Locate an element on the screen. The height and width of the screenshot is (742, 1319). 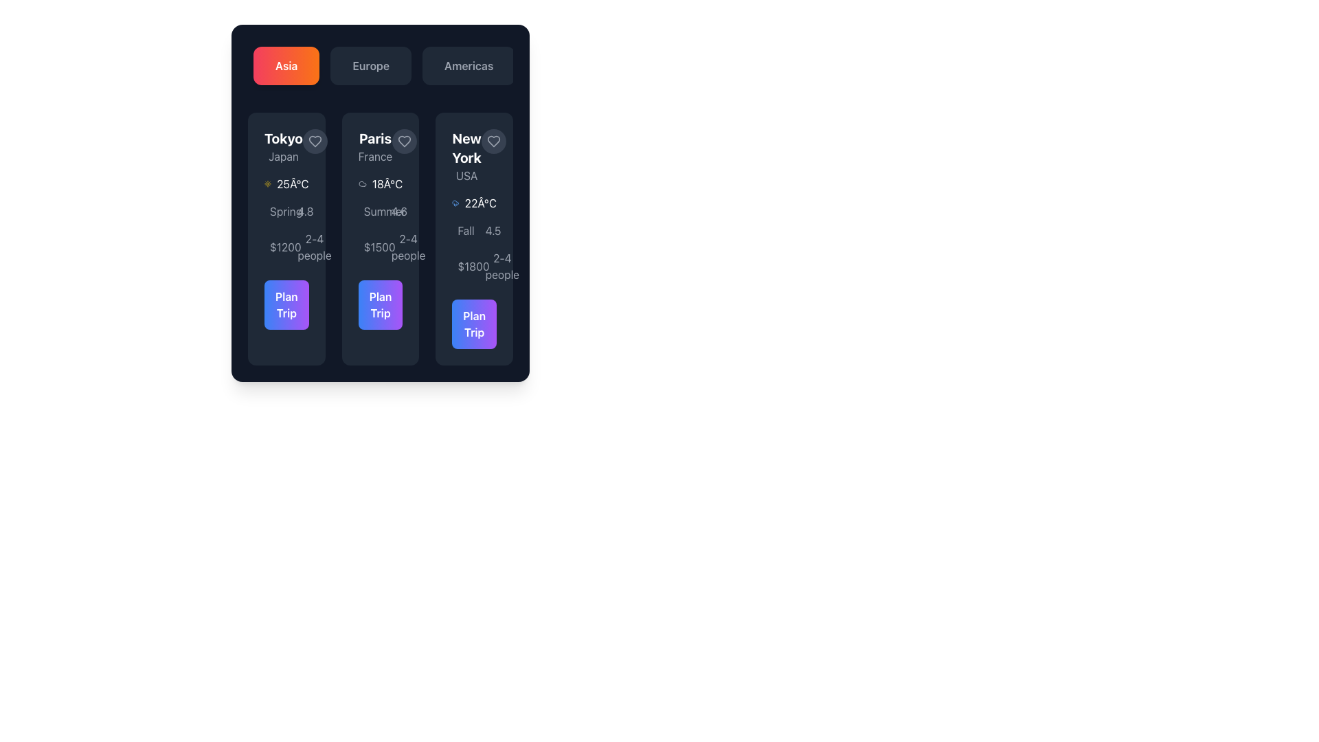
the text label displaying '4.5' in grayscale, located under the heading 'New York, USA,' within the rightmost detail card, below the temperature indicator '22°C.' is located at coordinates (488, 229).